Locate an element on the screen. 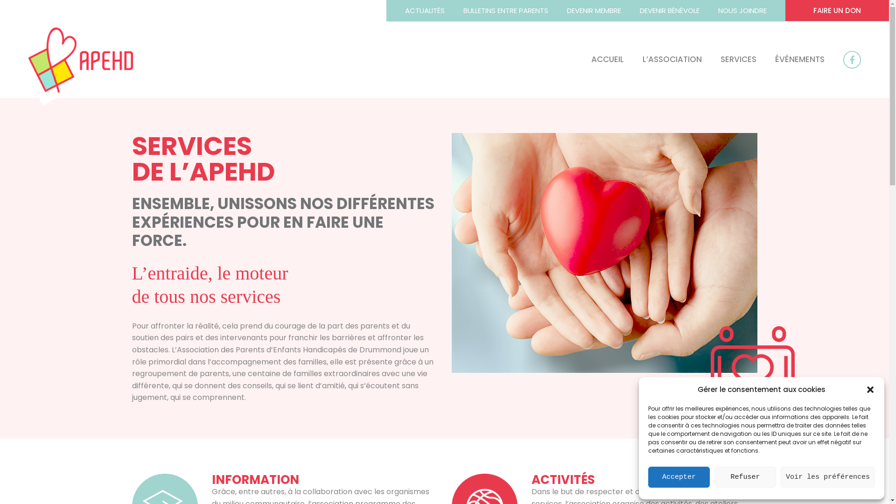  'SERVICES' is located at coordinates (701, 59).